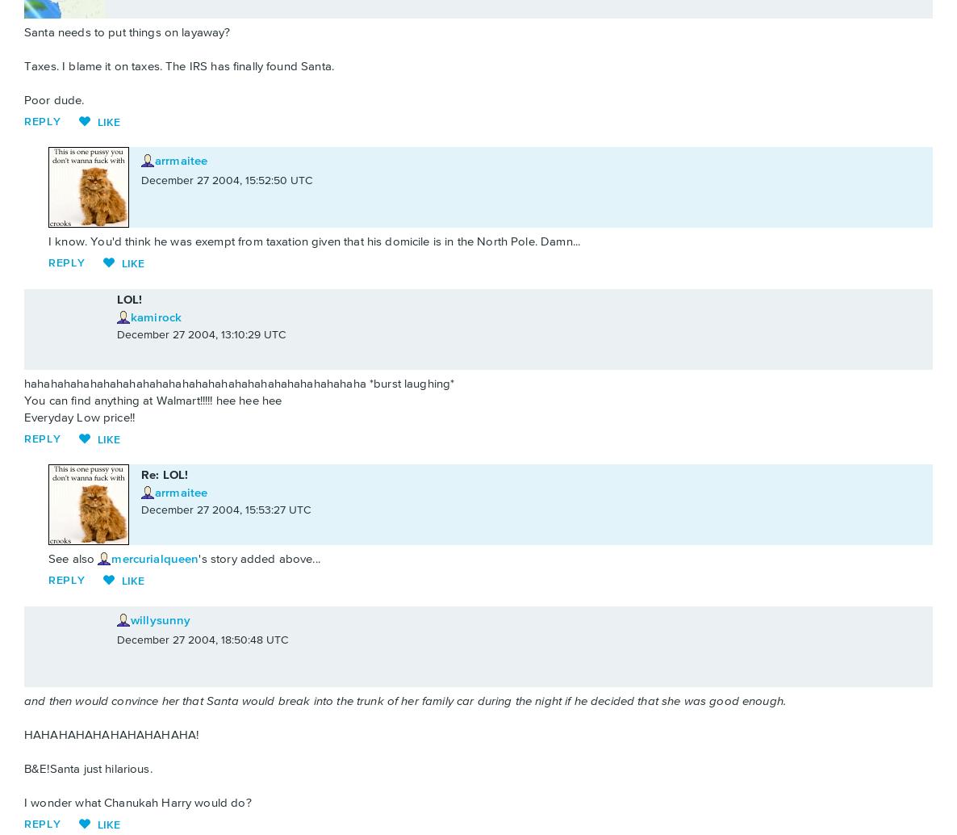 Image resolution: width=957 pixels, height=835 pixels. Describe the element at coordinates (201, 639) in the screenshot. I see `'December 27 2004, 18:50:48 UTC'` at that location.